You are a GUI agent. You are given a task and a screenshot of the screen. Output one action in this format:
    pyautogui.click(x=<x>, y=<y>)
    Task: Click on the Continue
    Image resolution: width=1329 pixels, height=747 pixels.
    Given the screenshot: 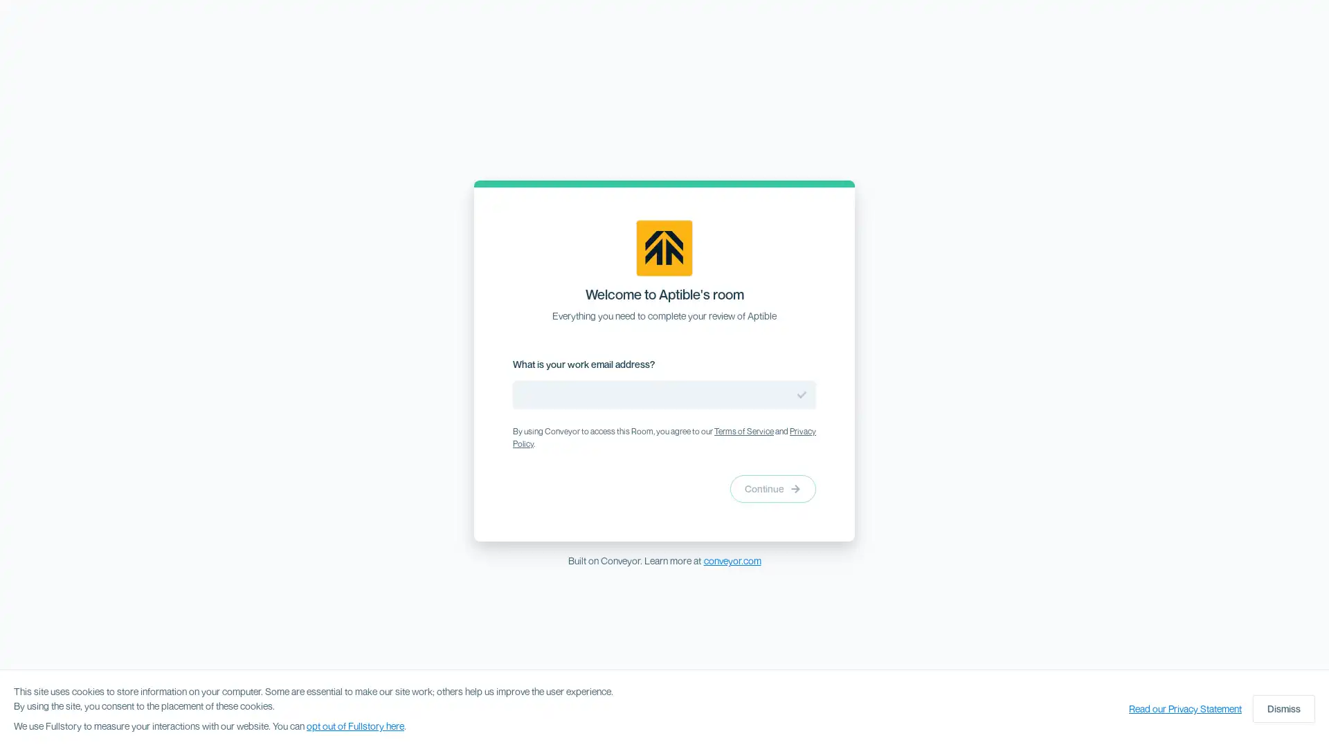 What is the action you would take?
    pyautogui.click(x=772, y=488)
    